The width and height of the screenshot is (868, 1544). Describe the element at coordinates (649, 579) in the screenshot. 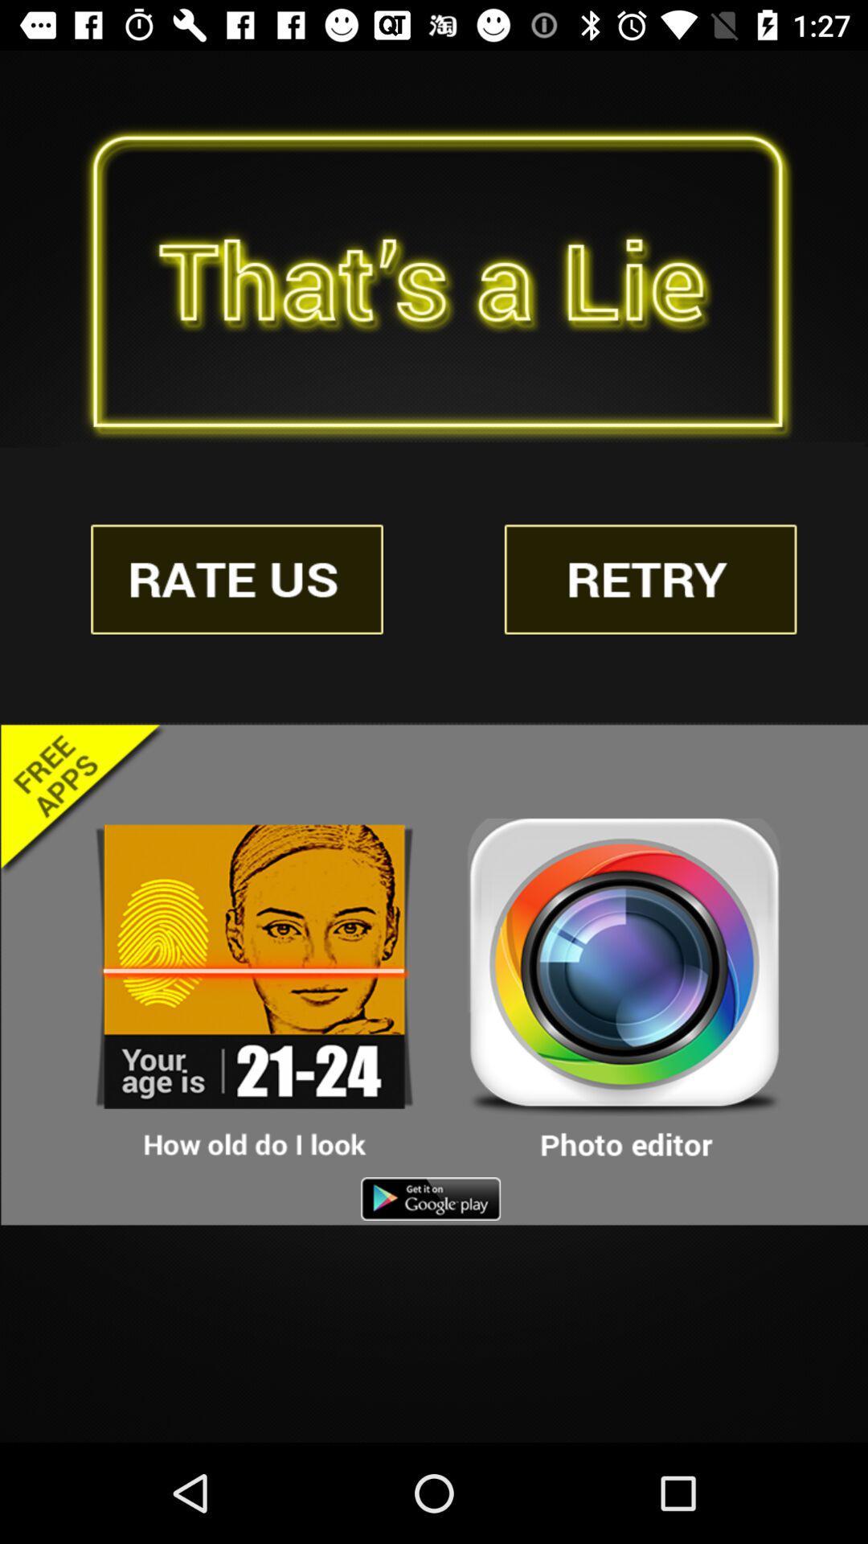

I see `retry game` at that location.